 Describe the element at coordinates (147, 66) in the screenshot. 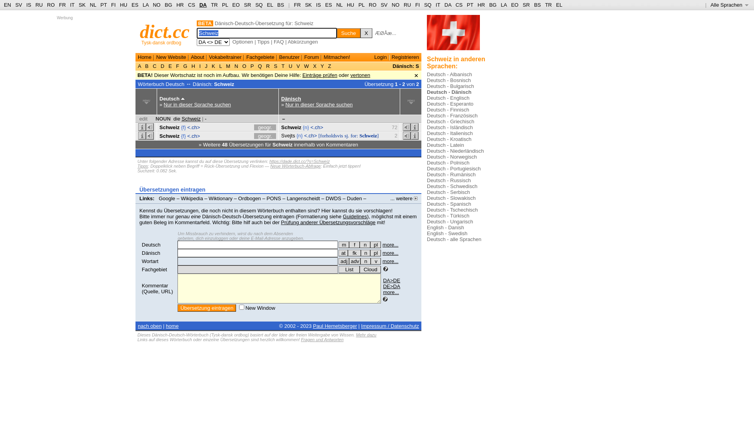

I see `'B'` at that location.